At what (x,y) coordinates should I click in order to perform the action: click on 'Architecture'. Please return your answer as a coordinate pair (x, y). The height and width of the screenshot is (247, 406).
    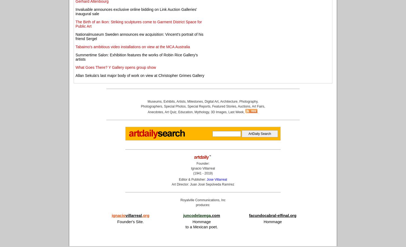
    Looking at the image, I should click on (228, 101).